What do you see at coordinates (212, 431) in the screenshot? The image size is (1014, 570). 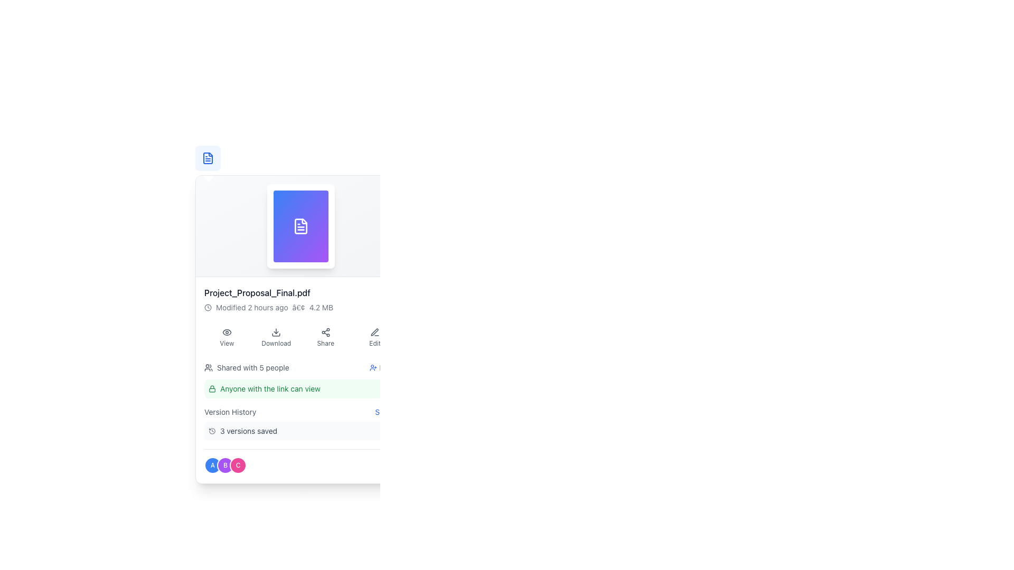 I see `the circular clock-like icon representing history or version, located next to the text '3 versions saved' in the 'Version History' section` at bounding box center [212, 431].